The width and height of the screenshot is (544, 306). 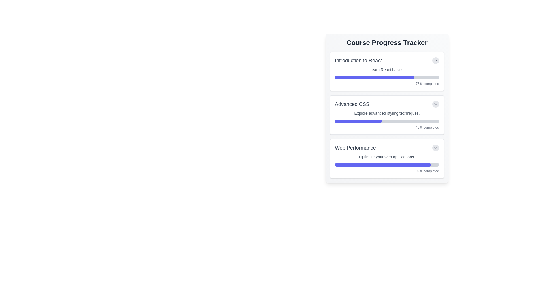 I want to click on the indigo-colored progress bar fill that indicates a 45% completion rate under the 'Advanced CSS' course label, so click(x=358, y=121).